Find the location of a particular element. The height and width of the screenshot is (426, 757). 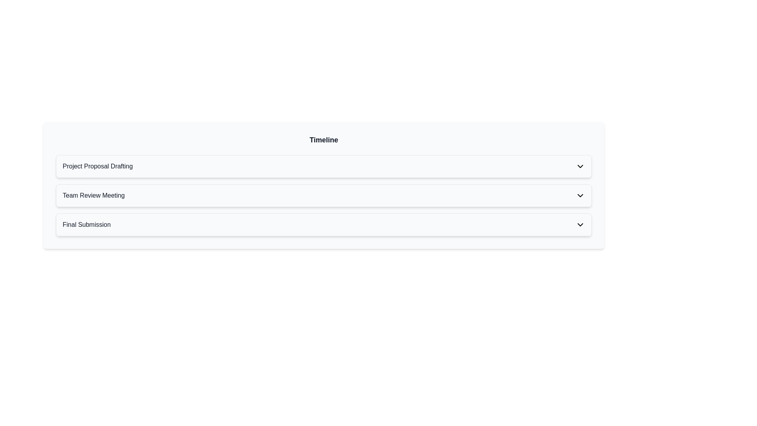

the dropdown indicator icon located at the right end of the 'Final Submission' row is located at coordinates (580, 225).